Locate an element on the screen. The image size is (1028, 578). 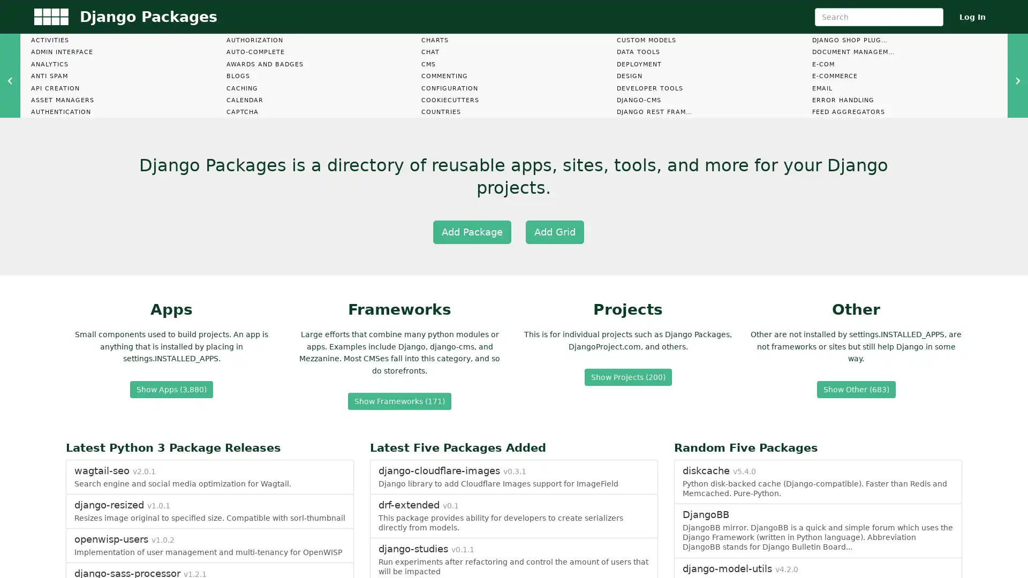
Add Package is located at coordinates (471, 231).